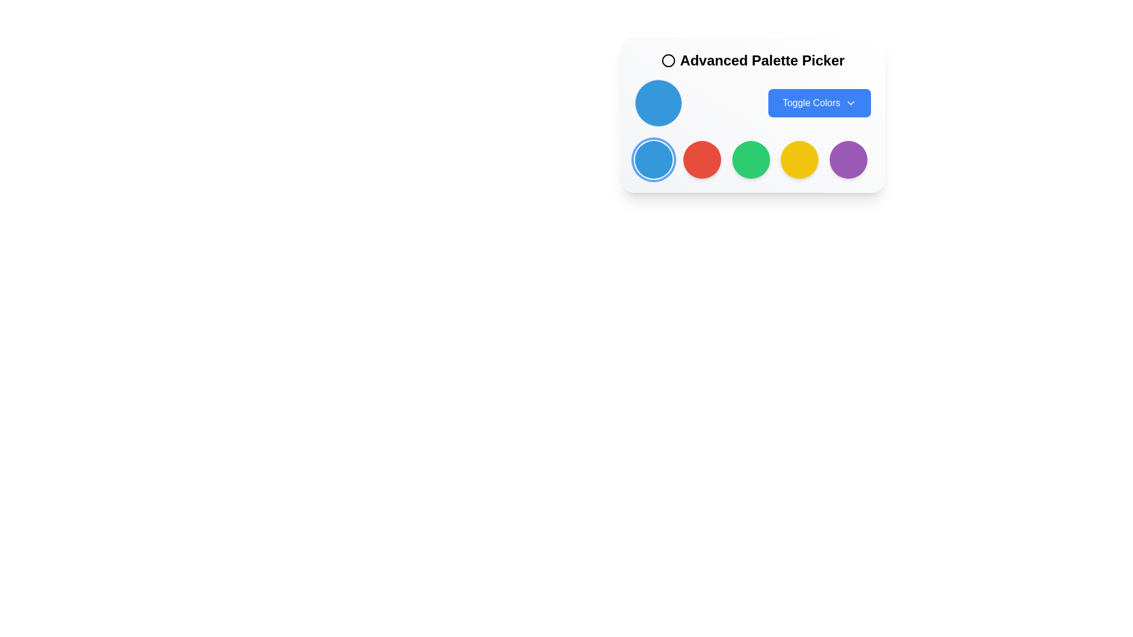 This screenshot has width=1133, height=637. I want to click on the second circular icon with a red background under the 'Advanced Palette Picker' label, so click(702, 159).